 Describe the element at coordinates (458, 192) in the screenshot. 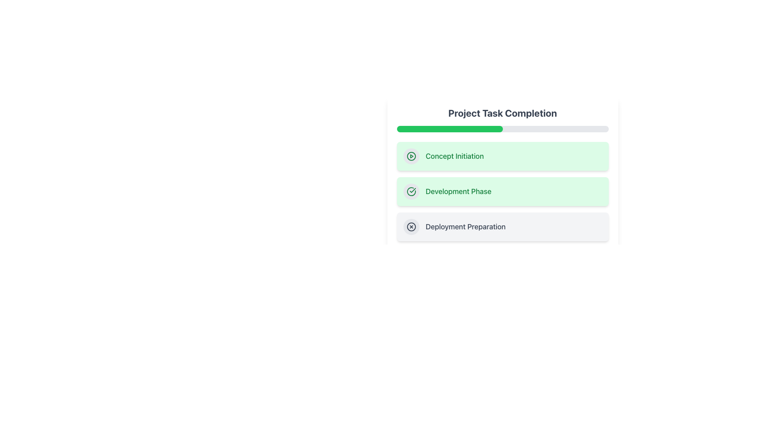

I see `the static label displaying 'Development Phase' in bold green font, which is the second entry in the vertical list of stages of progress` at that location.